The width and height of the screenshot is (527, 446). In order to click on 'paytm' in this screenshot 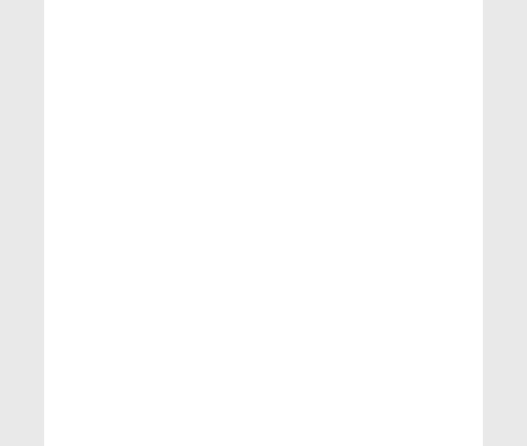, I will do `click(380, 107)`.